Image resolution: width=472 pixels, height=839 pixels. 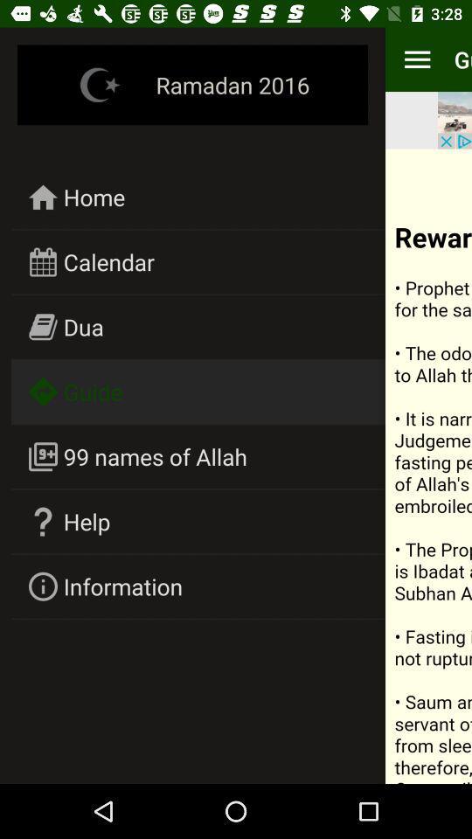 What do you see at coordinates (82, 326) in the screenshot?
I see `the item above guide` at bounding box center [82, 326].